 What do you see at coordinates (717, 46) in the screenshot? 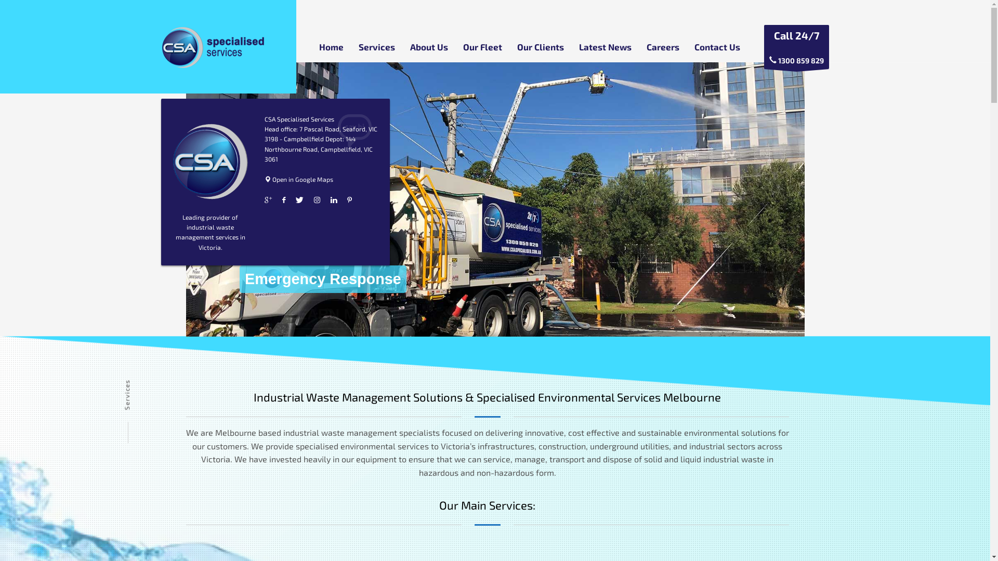
I see `'Contact Us'` at bounding box center [717, 46].